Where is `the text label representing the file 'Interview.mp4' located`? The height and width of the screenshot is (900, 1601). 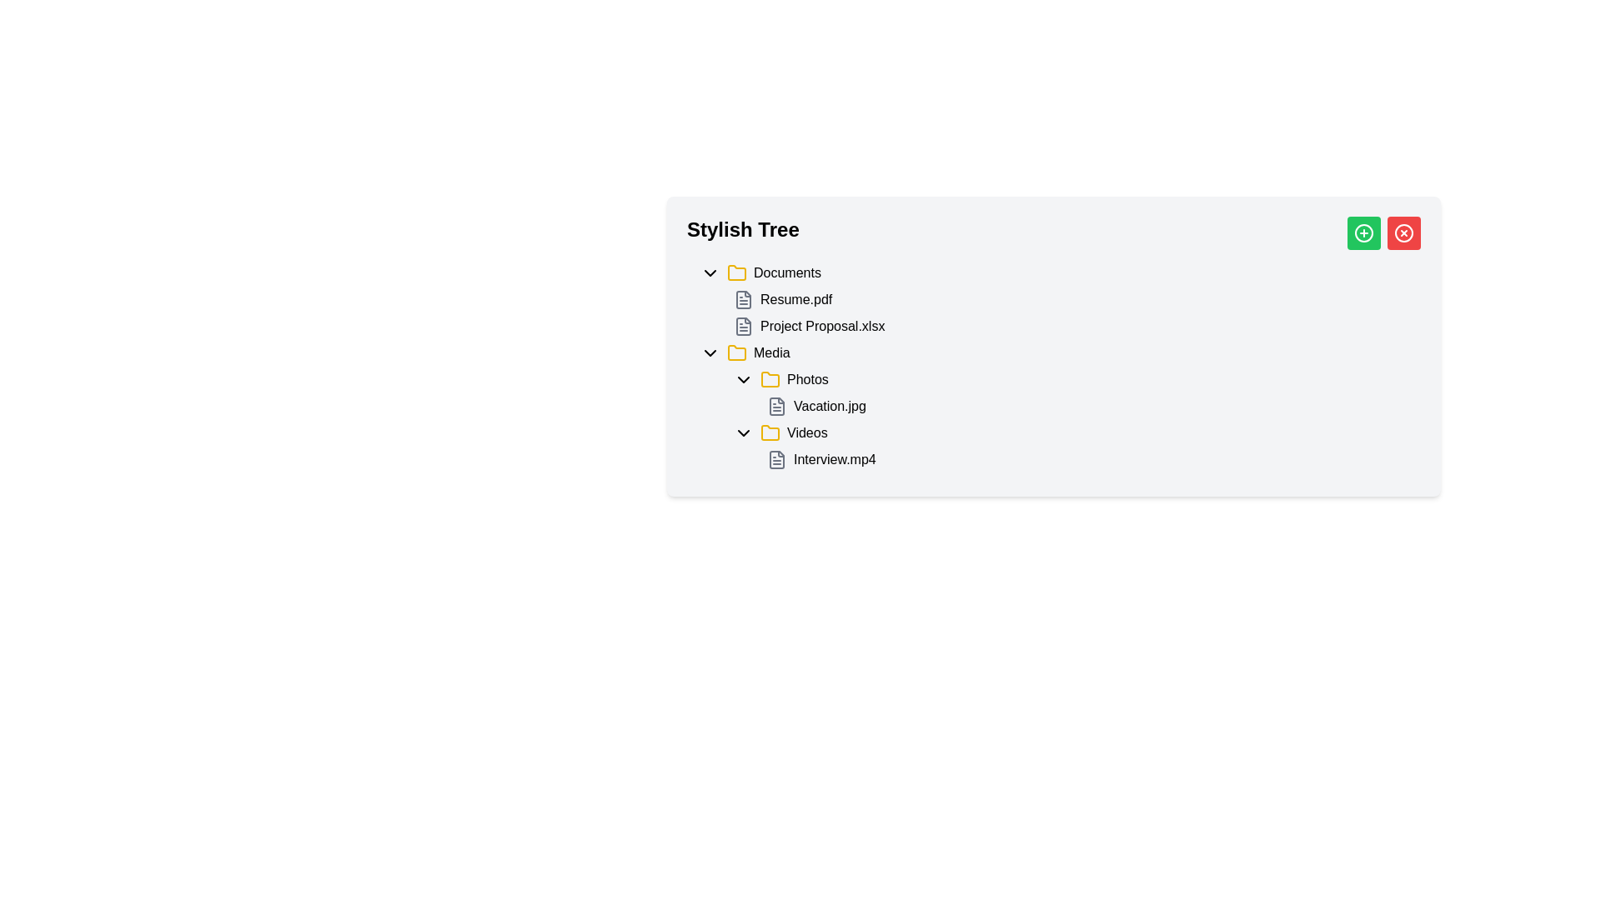
the text label representing the file 'Interview.mp4' located is located at coordinates (835, 459).